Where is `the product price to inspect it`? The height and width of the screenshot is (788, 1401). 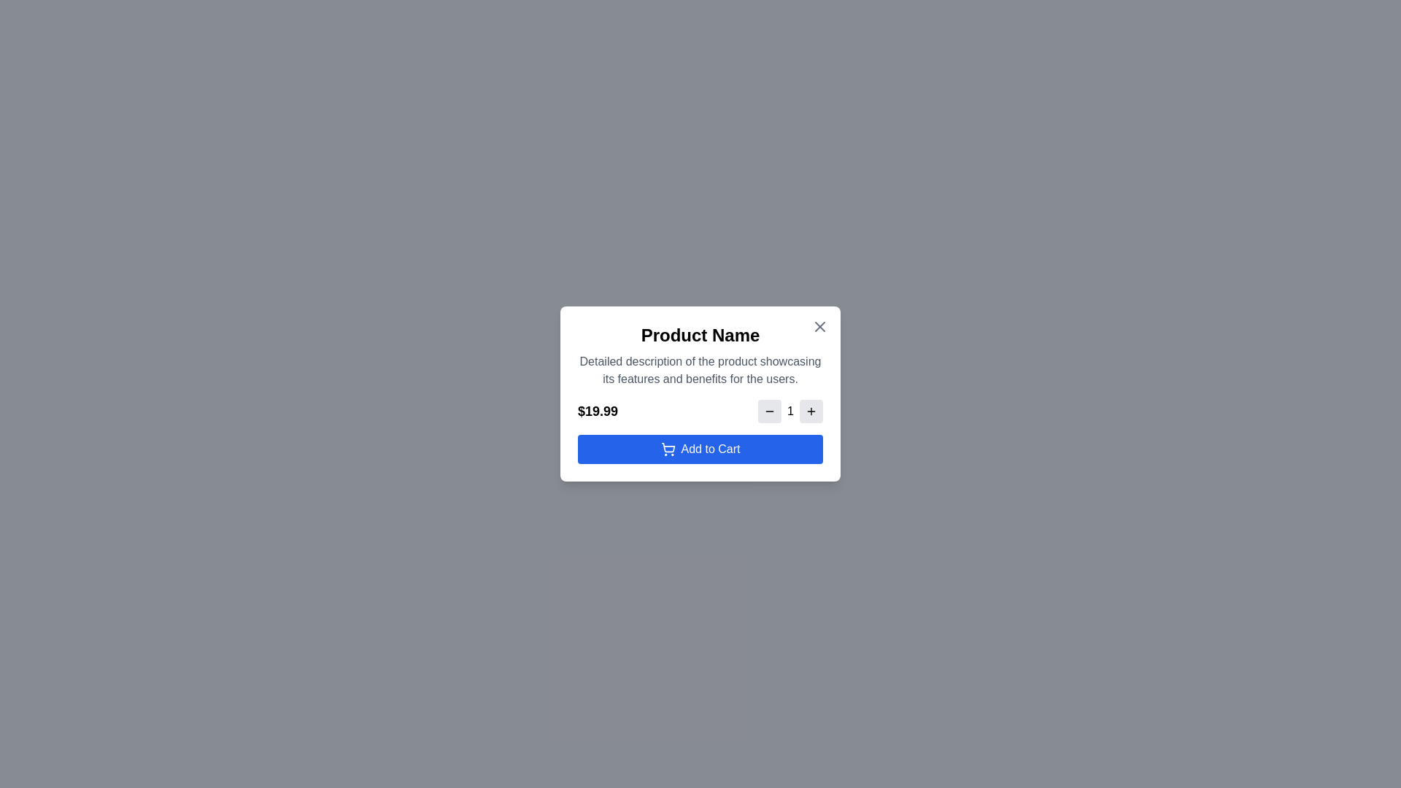 the product price to inspect it is located at coordinates (598, 411).